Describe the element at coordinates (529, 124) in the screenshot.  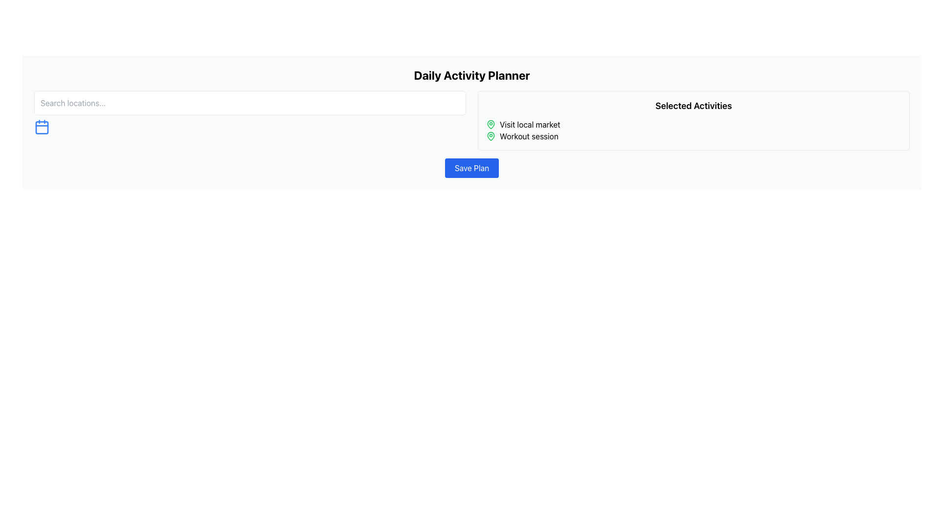
I see `the text label 'Visit local market' which is positioned on the right side of the interface within the 'Selected Activities' group, above the 'Workout session' text element` at that location.